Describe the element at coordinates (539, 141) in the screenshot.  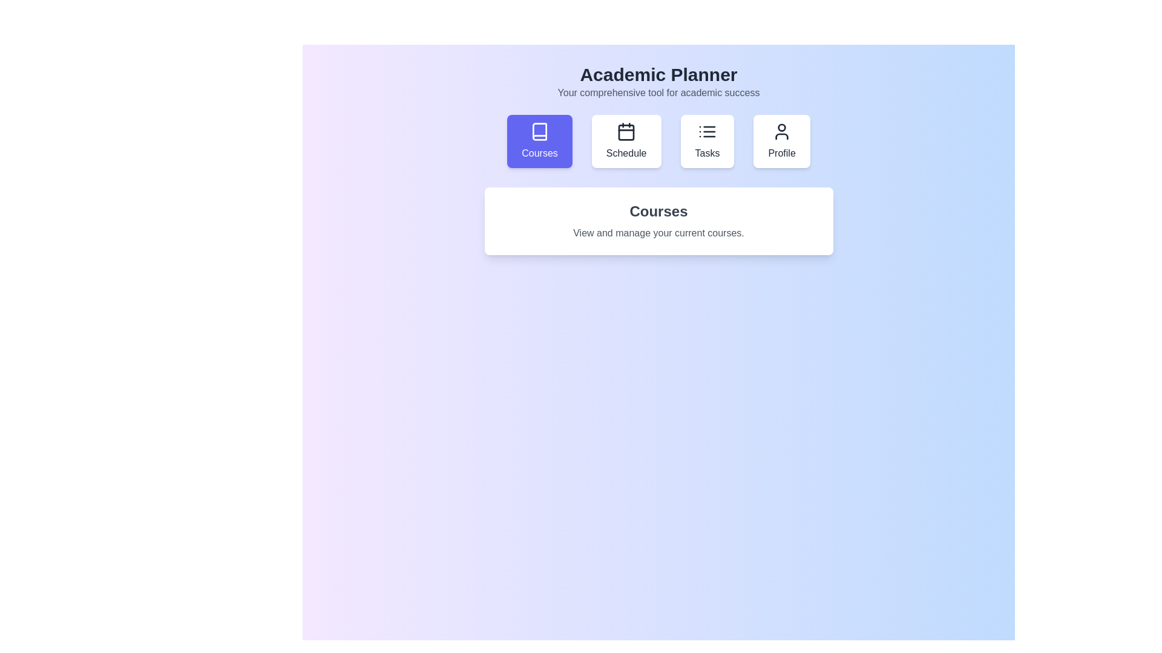
I see `the Courses tab to view its content` at that location.